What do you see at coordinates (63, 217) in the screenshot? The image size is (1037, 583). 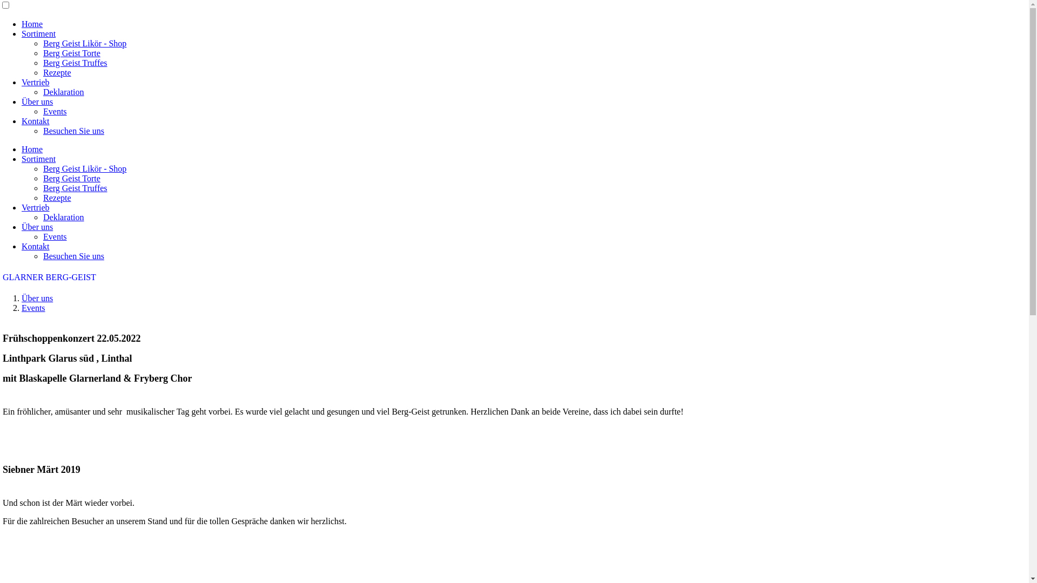 I see `'Deklaration'` at bounding box center [63, 217].